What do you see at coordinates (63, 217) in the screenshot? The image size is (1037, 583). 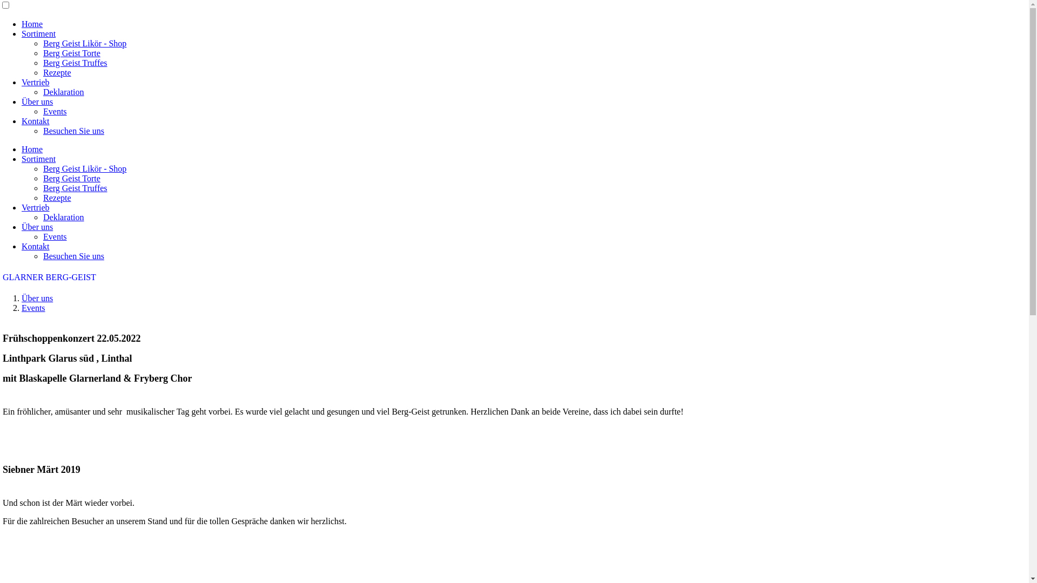 I see `'Deklaration'` at bounding box center [63, 217].